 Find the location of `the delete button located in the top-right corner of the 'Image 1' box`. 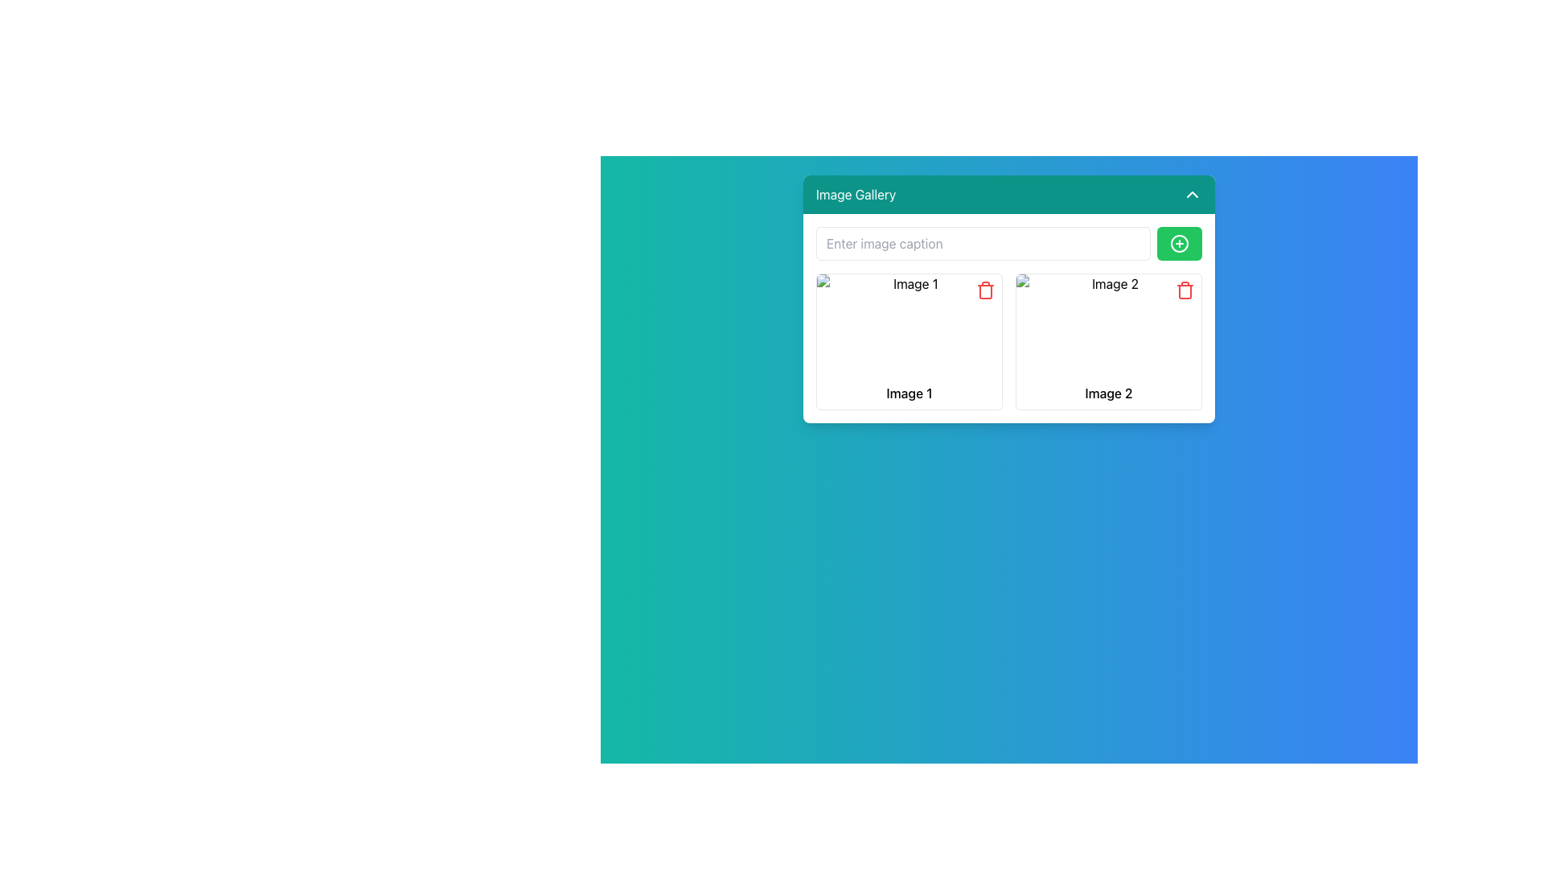

the delete button located in the top-right corner of the 'Image 1' box is located at coordinates (984, 292).